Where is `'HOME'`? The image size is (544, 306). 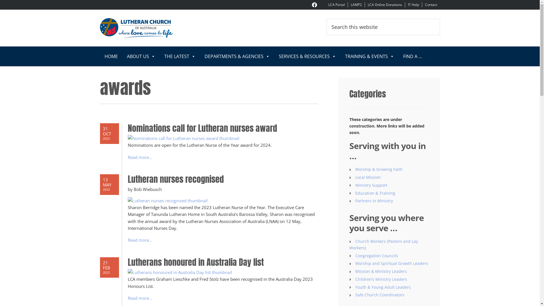
'HOME' is located at coordinates (111, 56).